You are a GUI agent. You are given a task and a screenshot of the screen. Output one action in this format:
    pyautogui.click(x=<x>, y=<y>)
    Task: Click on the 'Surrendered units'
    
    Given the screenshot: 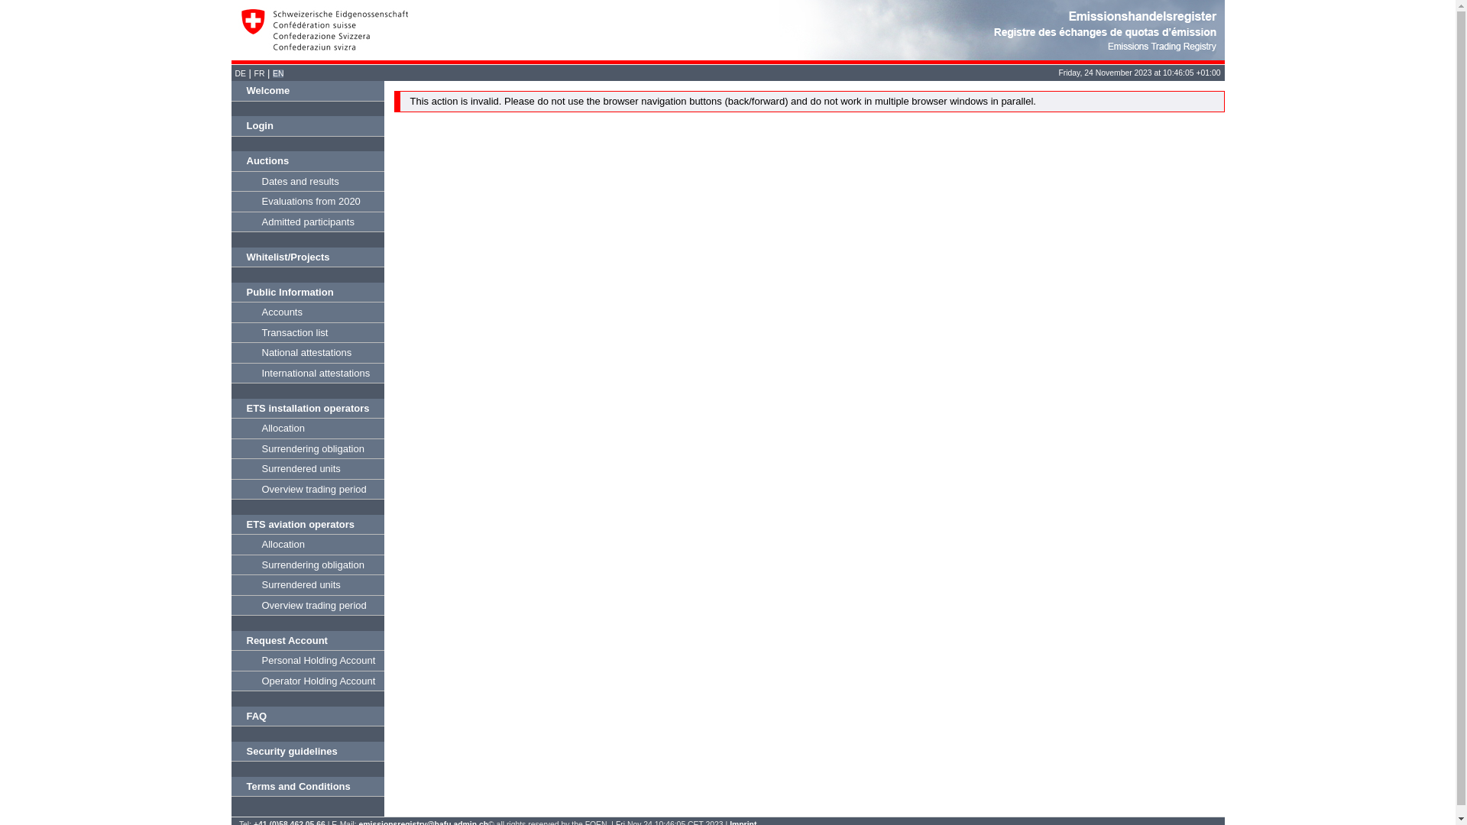 What is the action you would take?
    pyautogui.click(x=306, y=584)
    